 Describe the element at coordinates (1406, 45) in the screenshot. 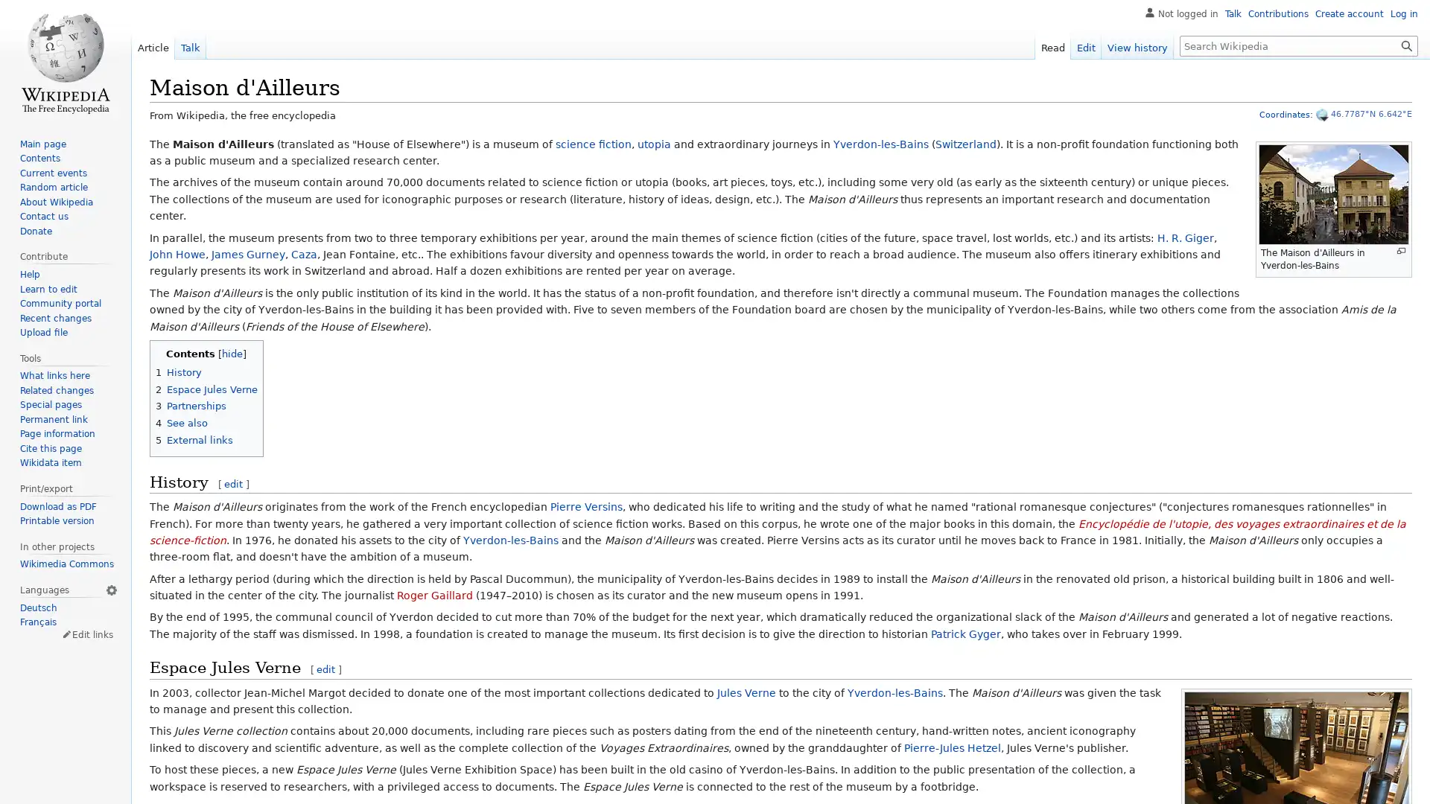

I see `Search` at that location.